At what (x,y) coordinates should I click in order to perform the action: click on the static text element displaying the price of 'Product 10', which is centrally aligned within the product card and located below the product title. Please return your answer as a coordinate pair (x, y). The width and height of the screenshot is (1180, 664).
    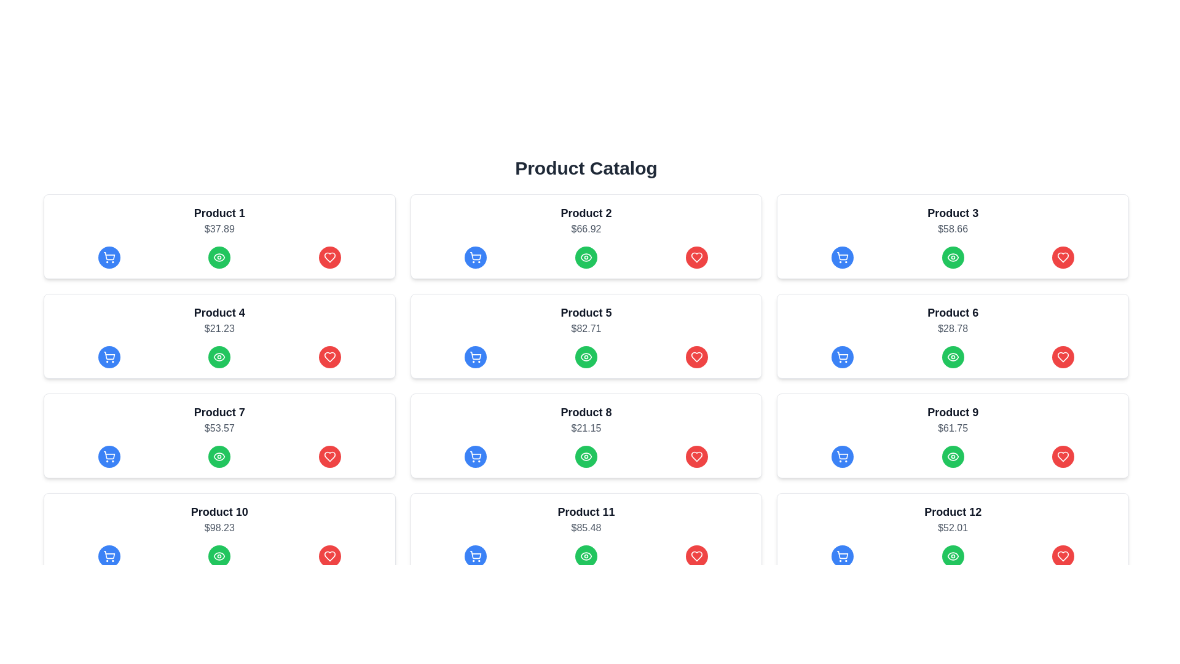
    Looking at the image, I should click on (219, 528).